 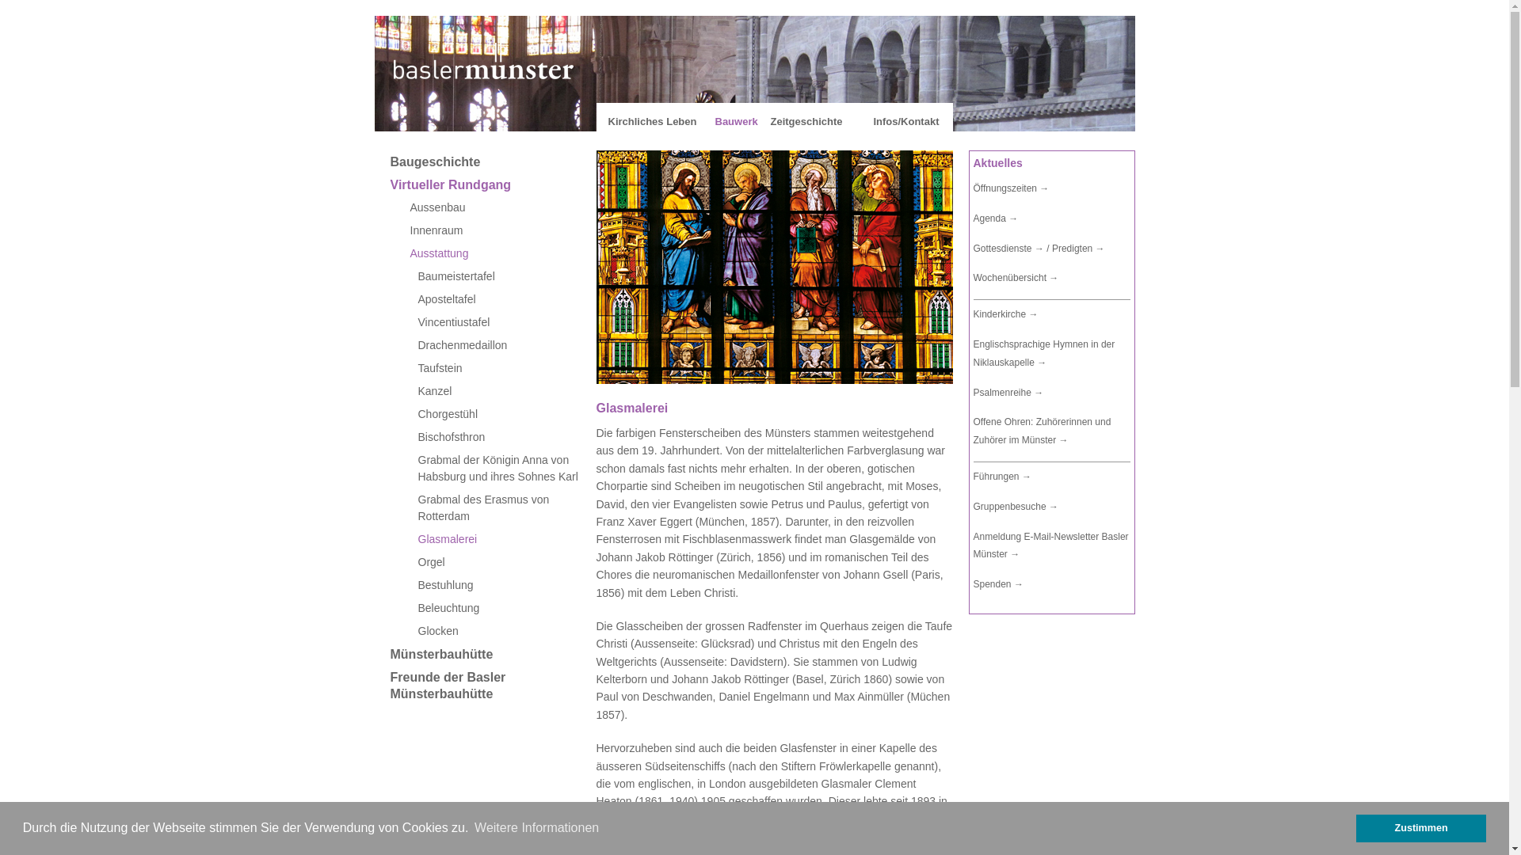 I want to click on 'Drachenmedaillon', so click(x=496, y=344).